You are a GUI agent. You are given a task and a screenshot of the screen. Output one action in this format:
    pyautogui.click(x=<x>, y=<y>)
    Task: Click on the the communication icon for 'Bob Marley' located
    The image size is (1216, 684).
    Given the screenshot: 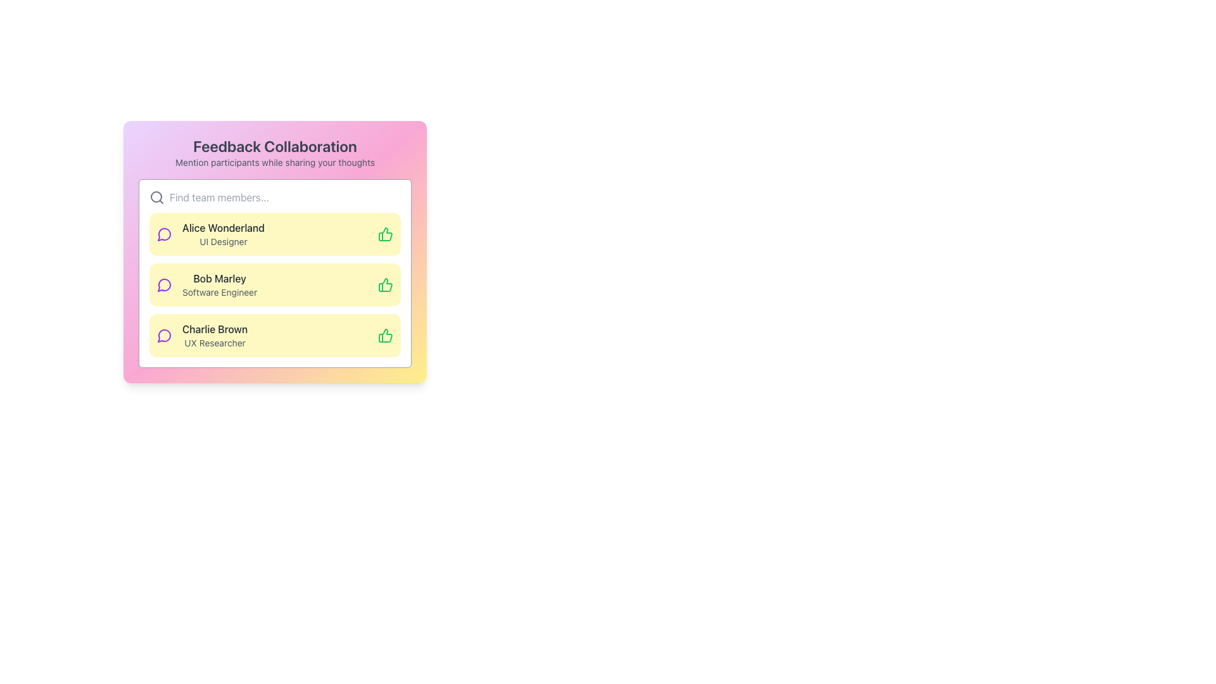 What is the action you would take?
    pyautogui.click(x=163, y=285)
    